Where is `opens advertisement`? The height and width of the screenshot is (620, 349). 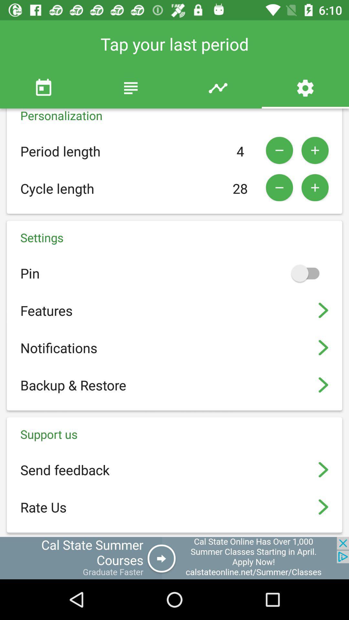
opens advertisement is located at coordinates (174, 558).